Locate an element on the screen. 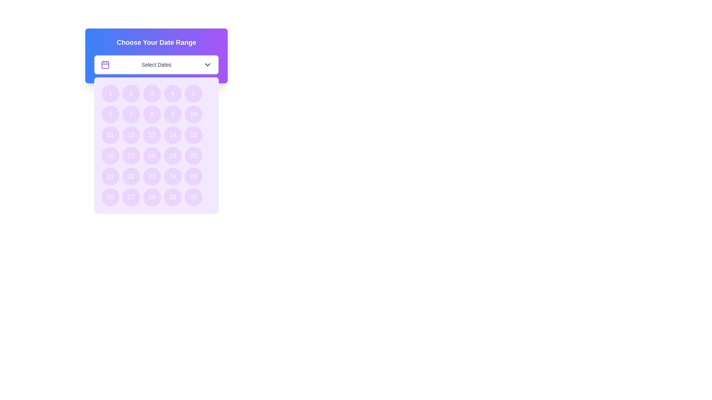 The height and width of the screenshot is (400, 712). the circular button with a light purple background displaying the number '17' is located at coordinates (131, 155).